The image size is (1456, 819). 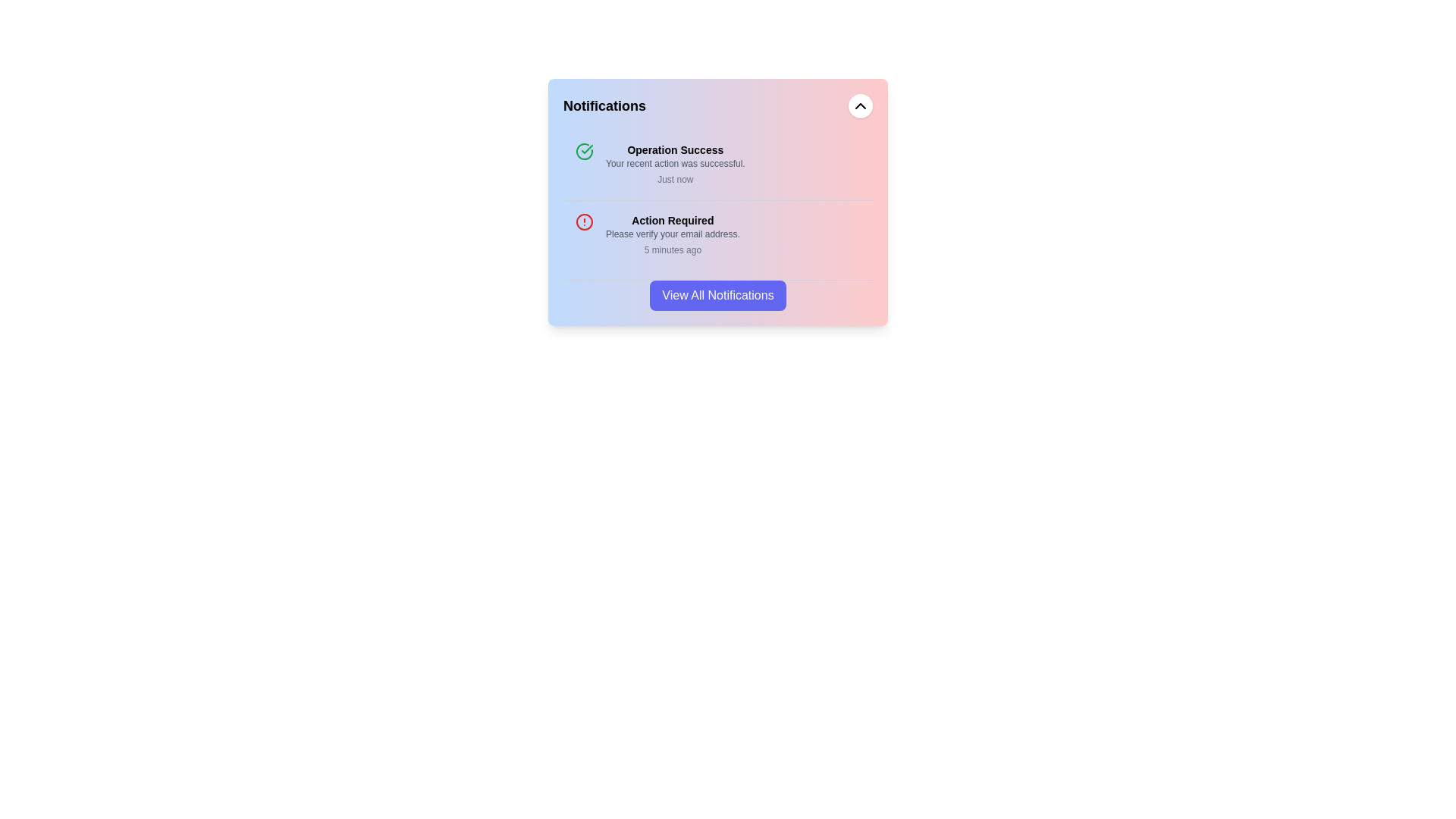 I want to click on the button located in the top-right corner of the 'Notifications' panel, so click(x=860, y=105).